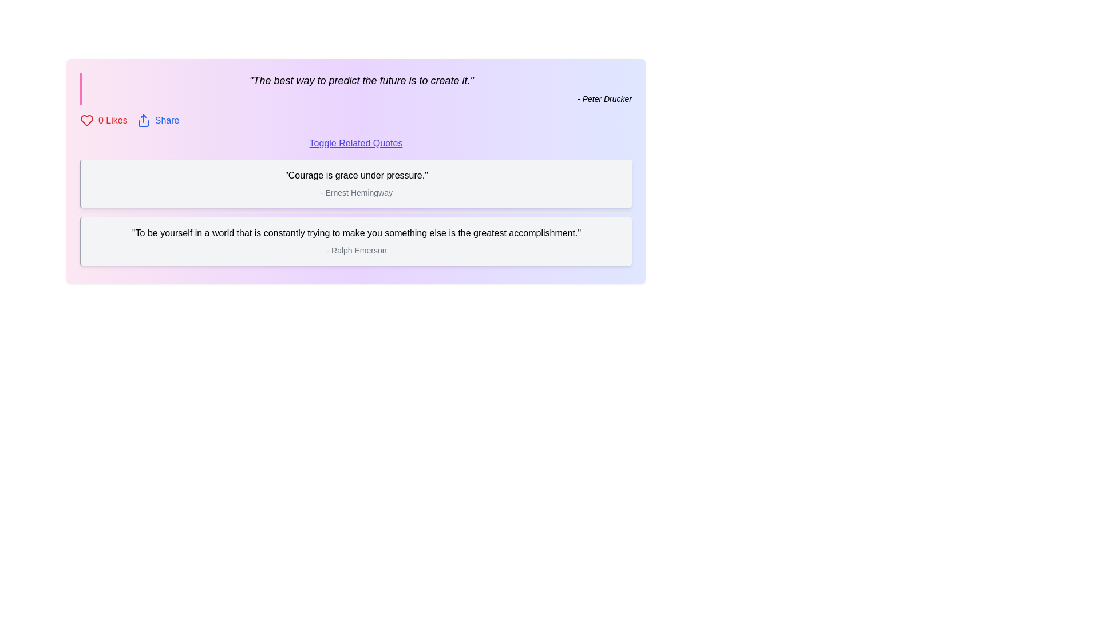  Describe the element at coordinates (355, 142) in the screenshot. I see `the hyperlink labeled 'Toggle Related Quotes'` at that location.